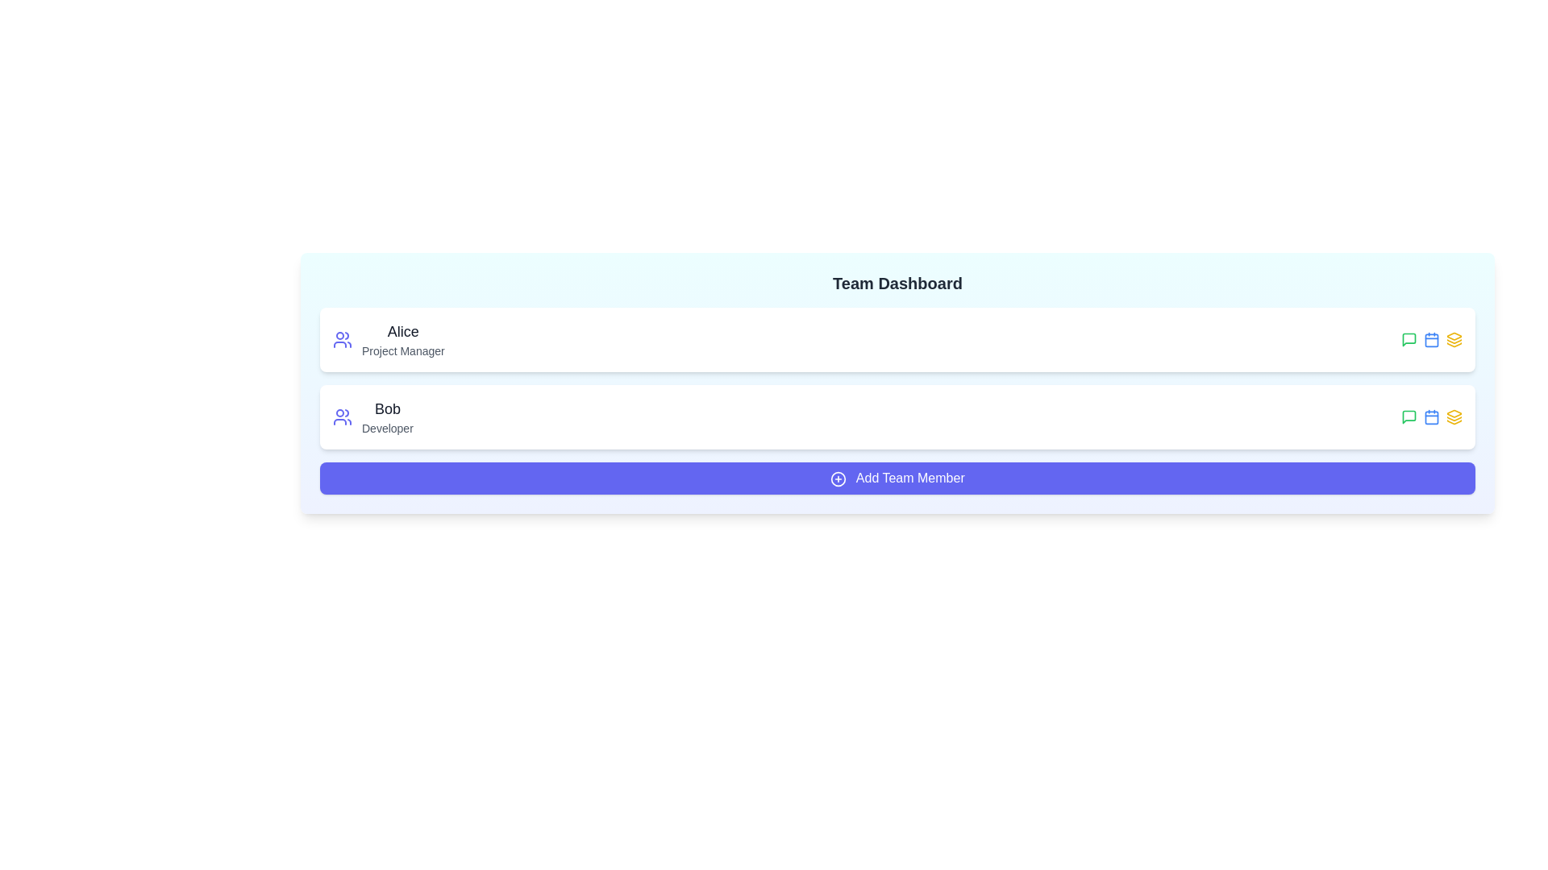 Image resolution: width=1548 pixels, height=870 pixels. I want to click on the user profile icon associated with 'Alice', the Project Manager, located on the left side of the profile display, so click(342, 338).